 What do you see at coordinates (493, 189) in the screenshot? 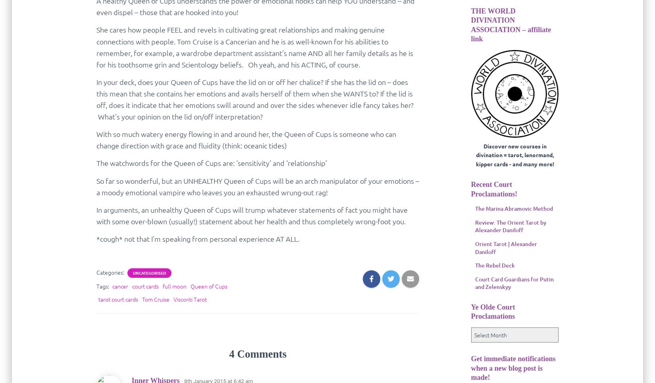
I see `'Recent Court Proclamations!'` at bounding box center [493, 189].